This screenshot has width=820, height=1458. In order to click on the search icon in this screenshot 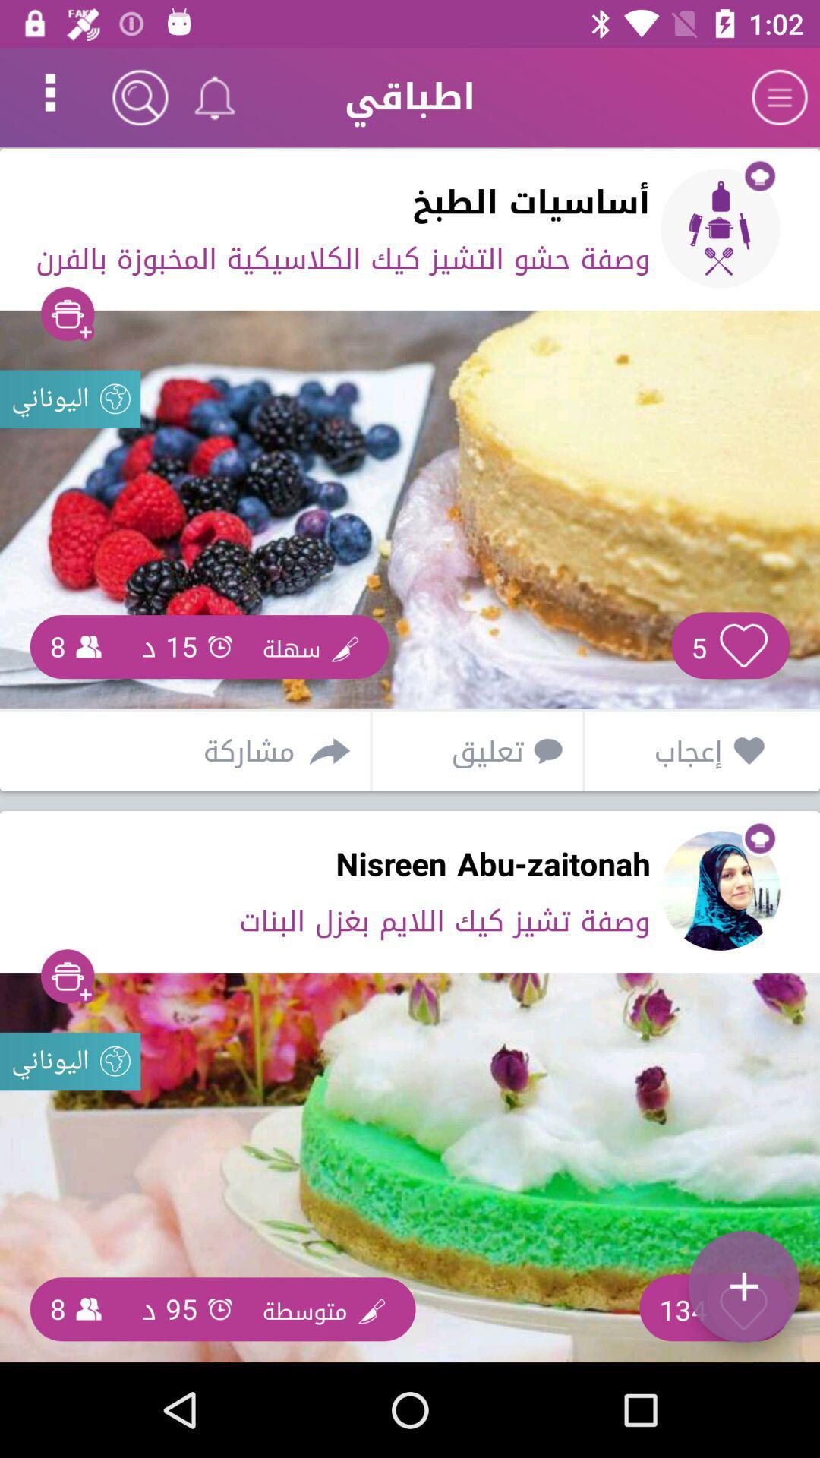, I will do `click(140, 96)`.